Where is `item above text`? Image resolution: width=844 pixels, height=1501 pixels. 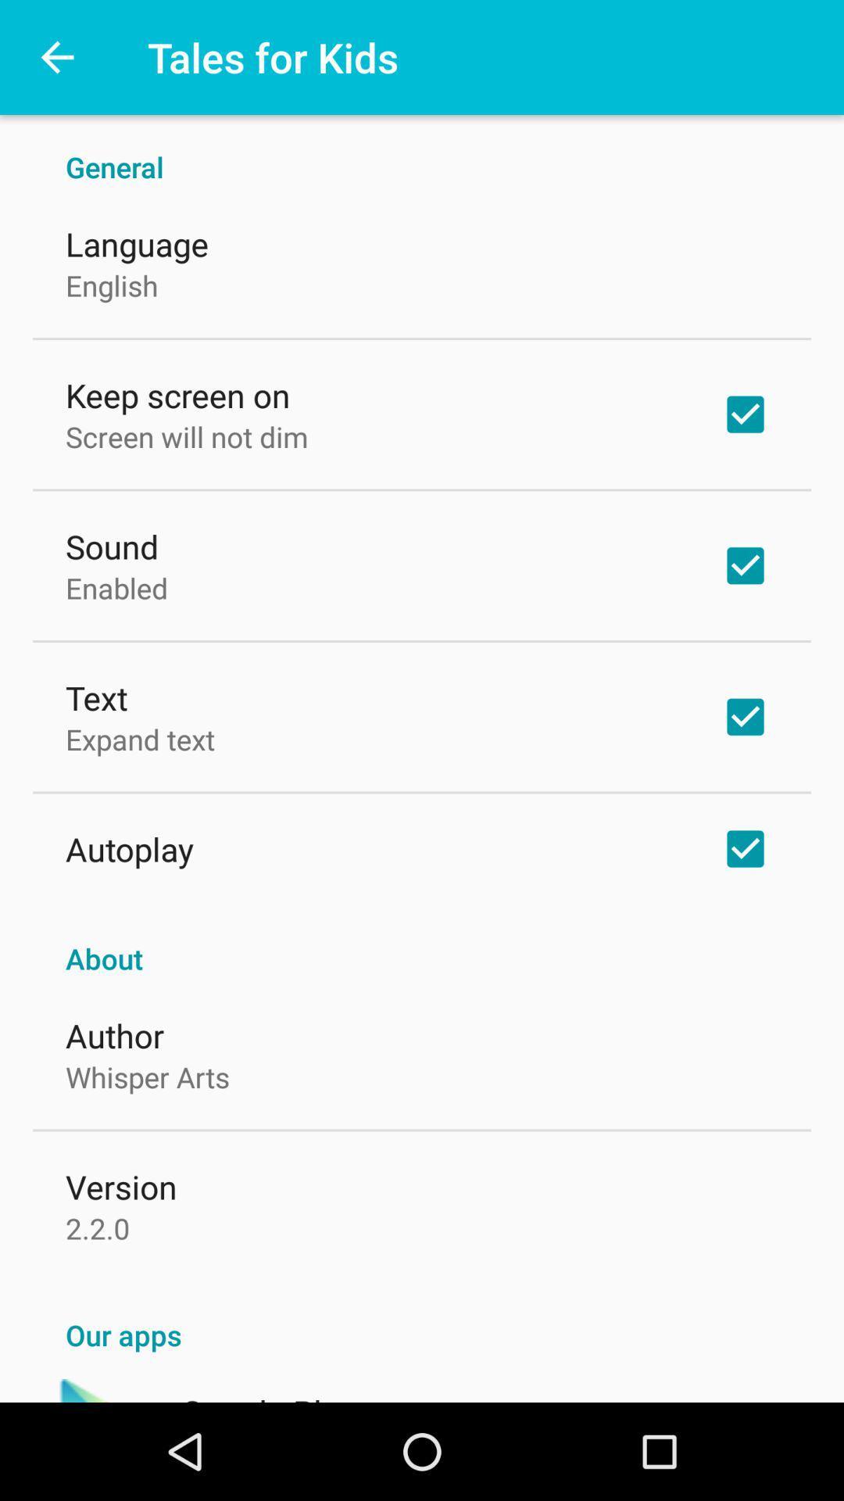
item above text is located at coordinates (116, 587).